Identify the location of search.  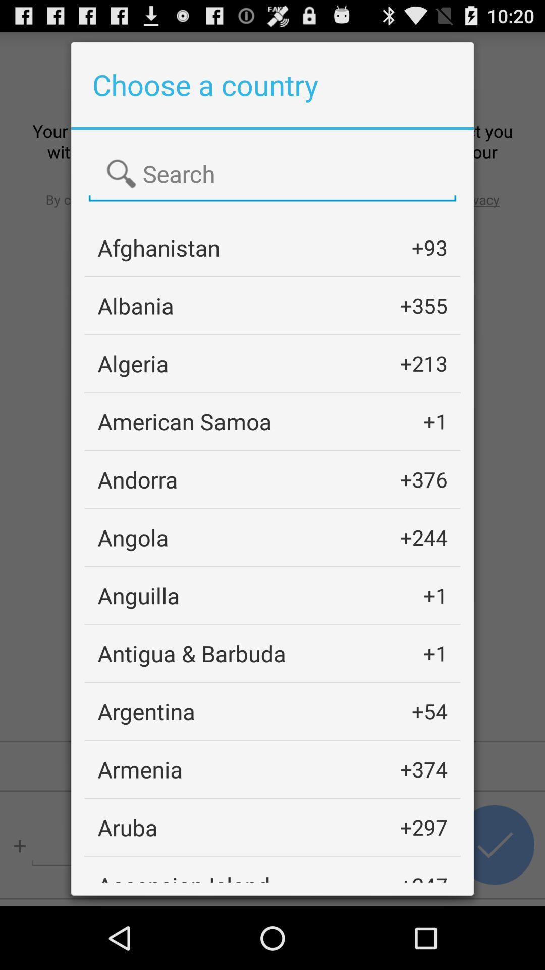
(272, 174).